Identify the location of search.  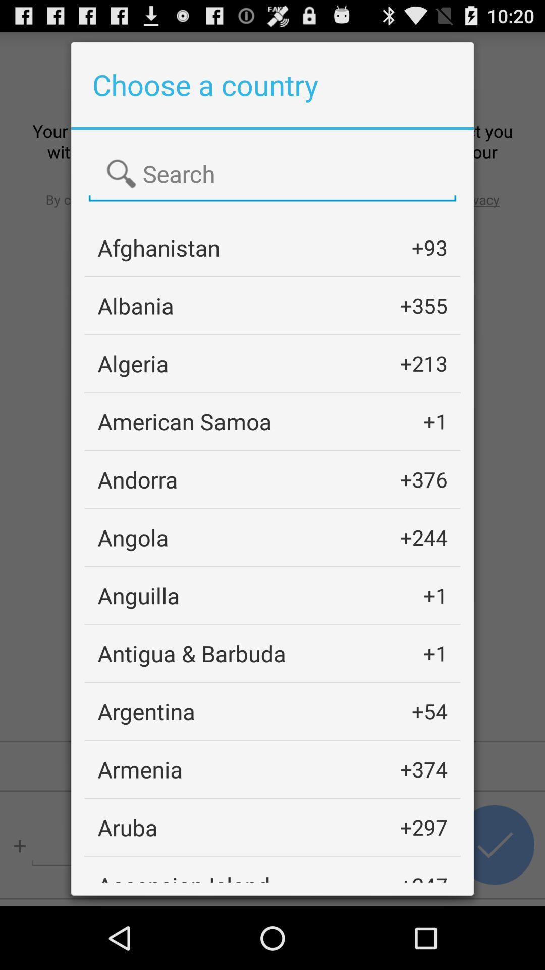
(272, 174).